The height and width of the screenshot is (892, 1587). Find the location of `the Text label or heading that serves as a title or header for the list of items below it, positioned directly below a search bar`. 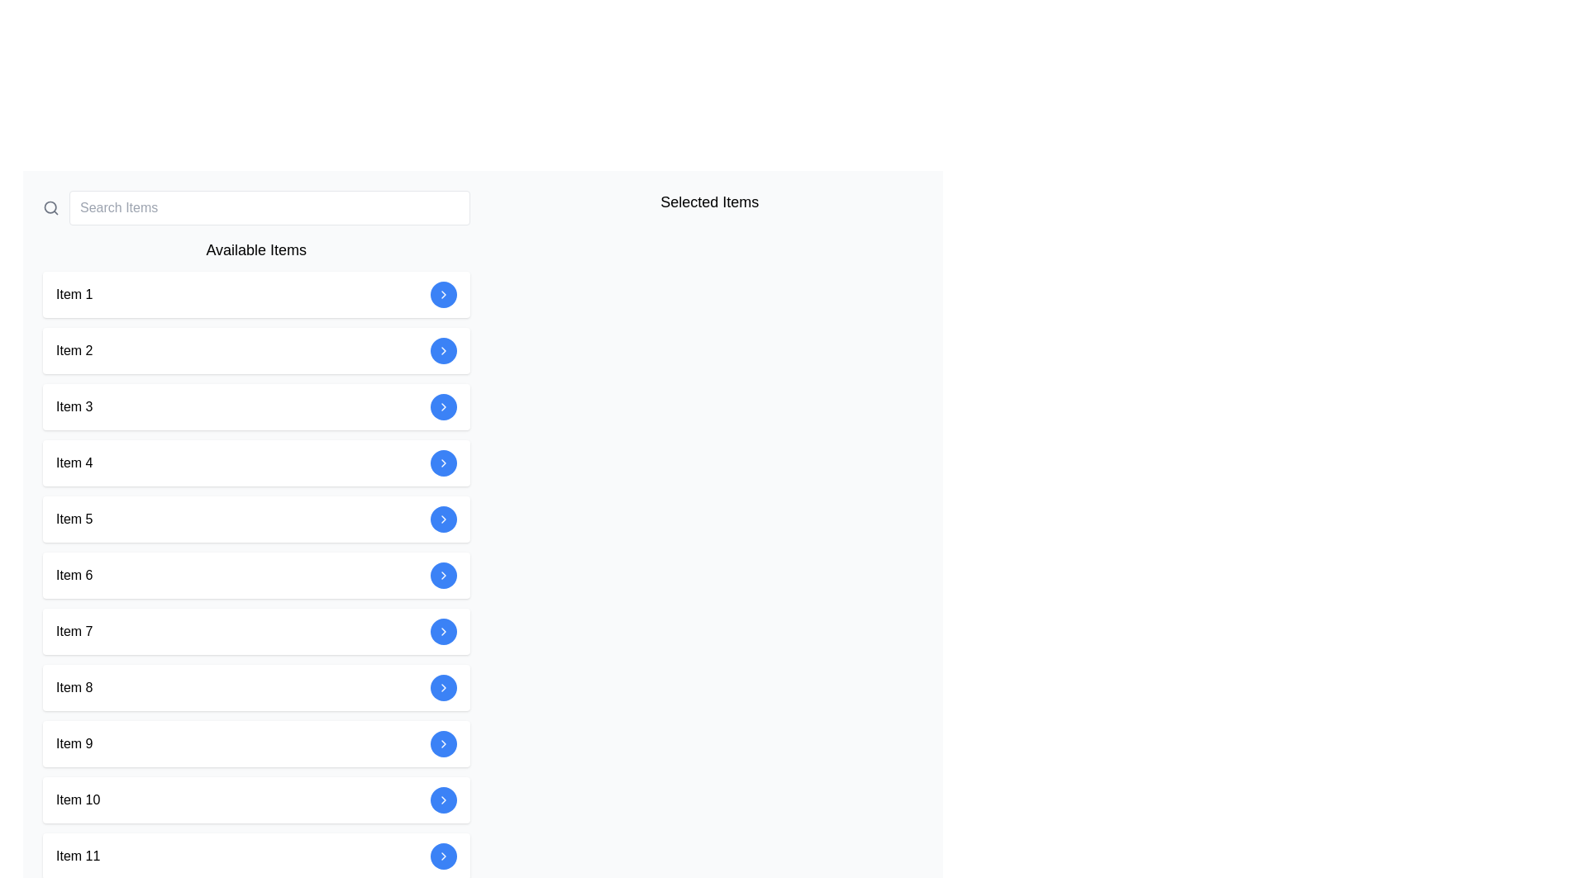

the Text label or heading that serves as a title or header for the list of items below it, positioned directly below a search bar is located at coordinates (255, 250).